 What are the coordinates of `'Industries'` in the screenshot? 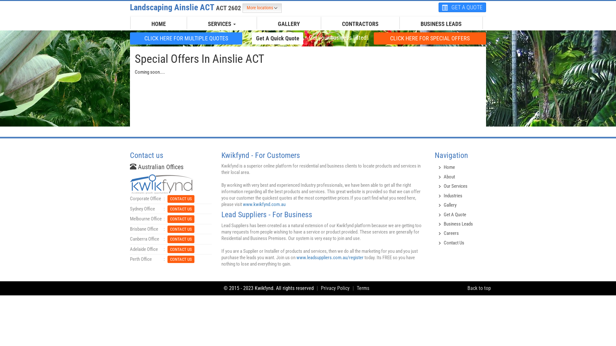 It's located at (452, 195).